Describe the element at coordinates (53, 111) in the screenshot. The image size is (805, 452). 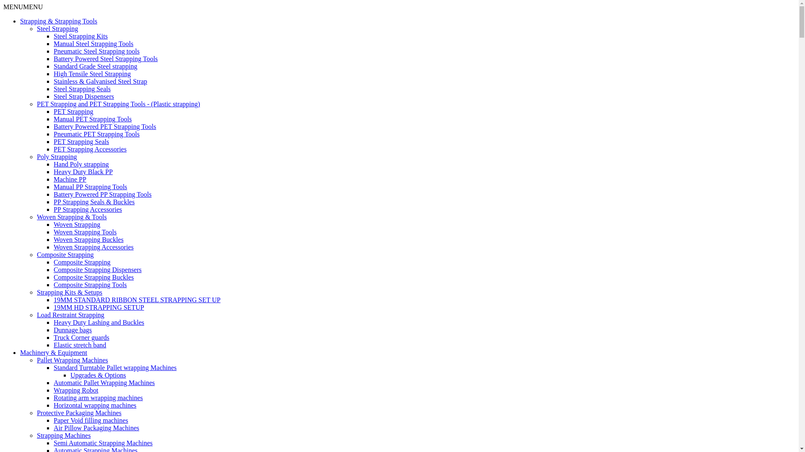
I see `'PET Strapping'` at that location.